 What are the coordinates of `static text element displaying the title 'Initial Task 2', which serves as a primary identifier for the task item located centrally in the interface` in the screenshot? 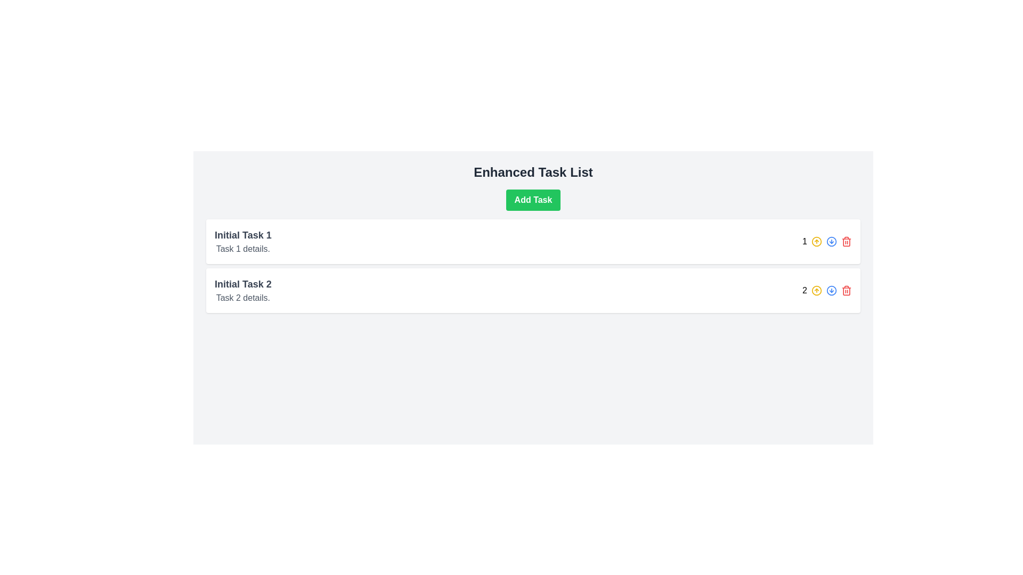 It's located at (242, 283).